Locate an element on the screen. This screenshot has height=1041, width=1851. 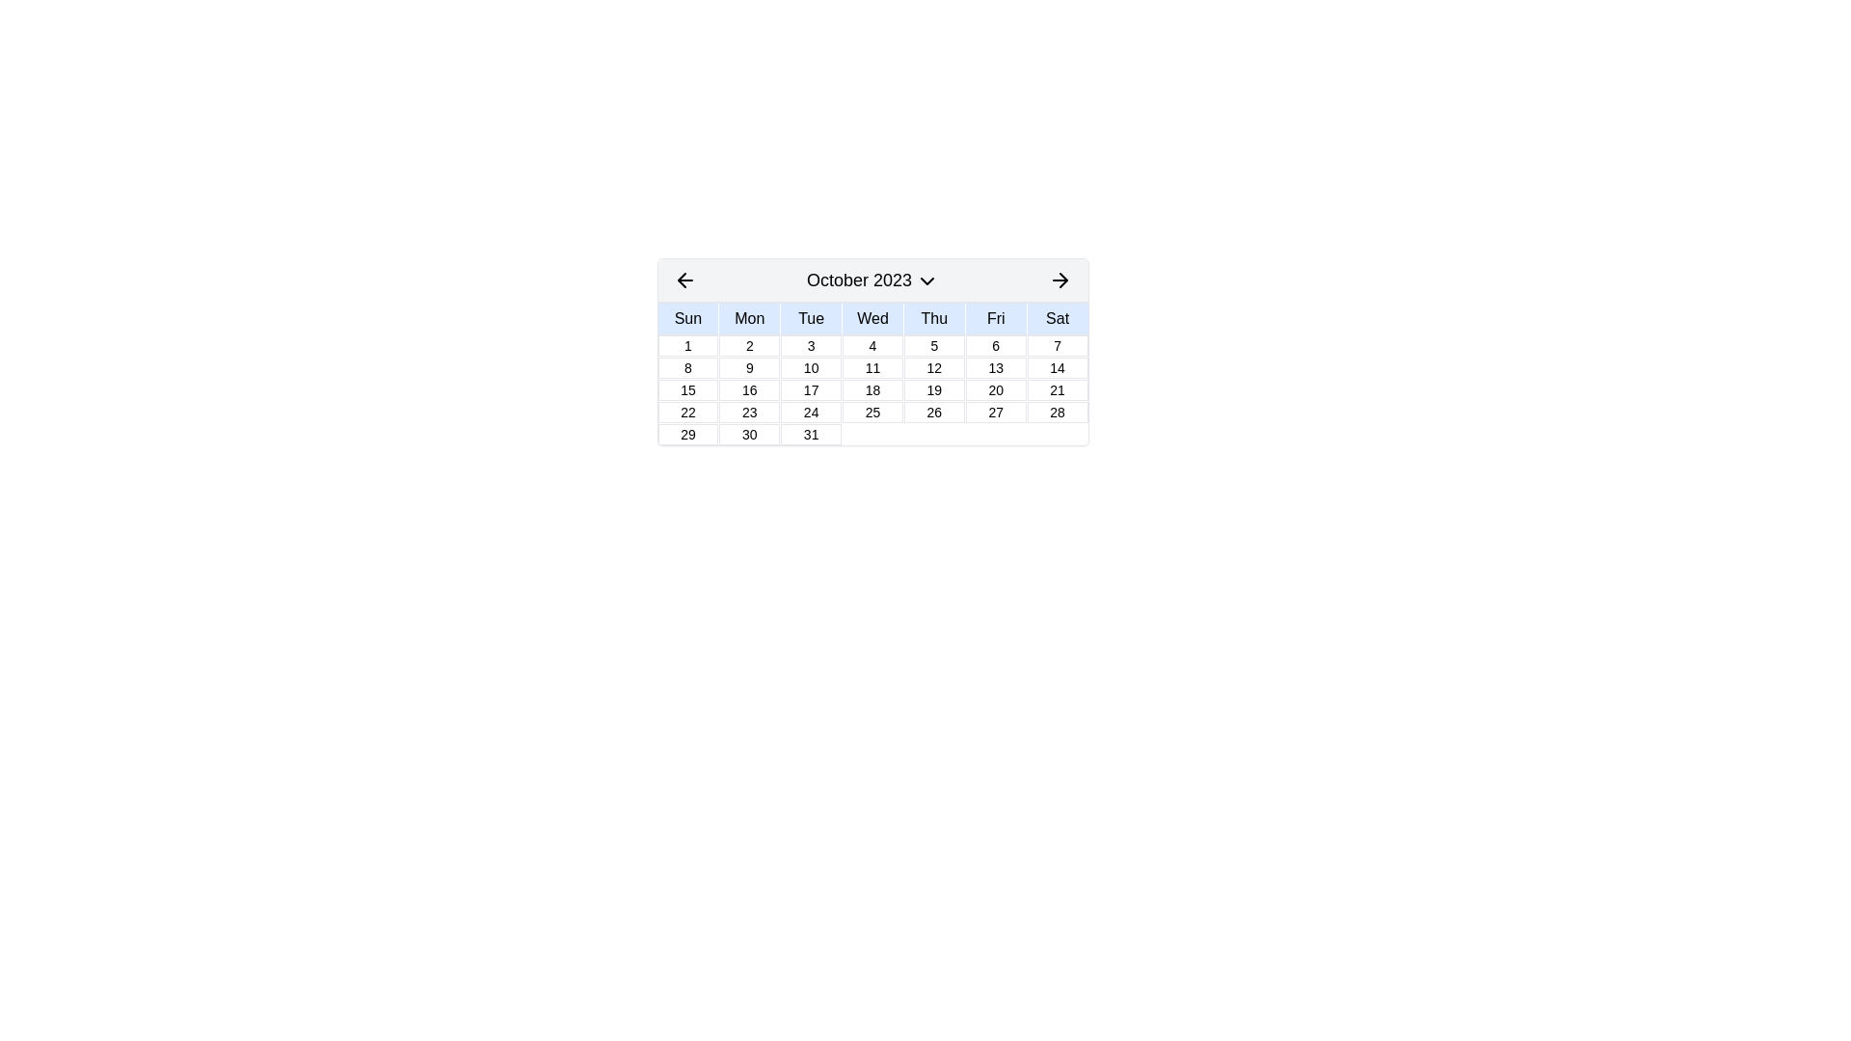
the fourth day cell in the calendar grid is located at coordinates (872, 344).